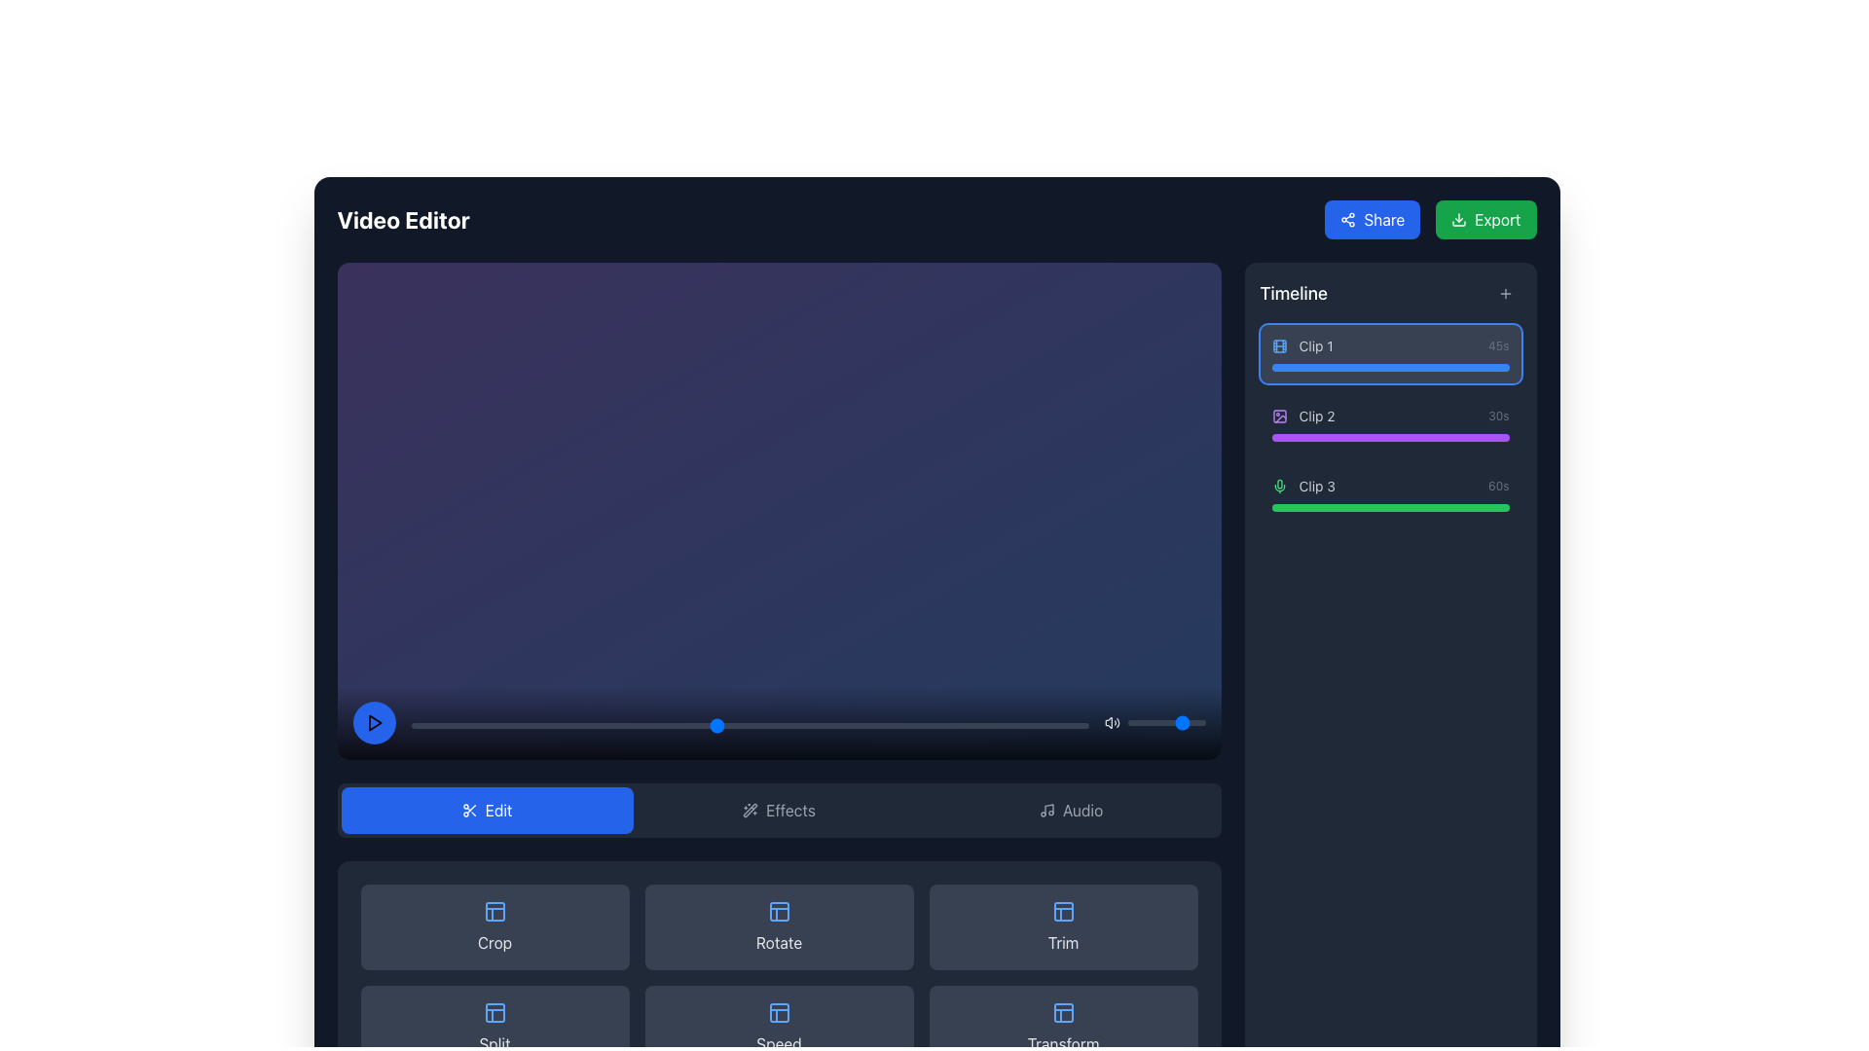 This screenshot has height=1051, width=1869. Describe the element at coordinates (1279, 483) in the screenshot. I see `the microphone icon's body, which is part of a green-themed microphone icon located in the timeline section adjacent to 'Clip 3'` at that location.